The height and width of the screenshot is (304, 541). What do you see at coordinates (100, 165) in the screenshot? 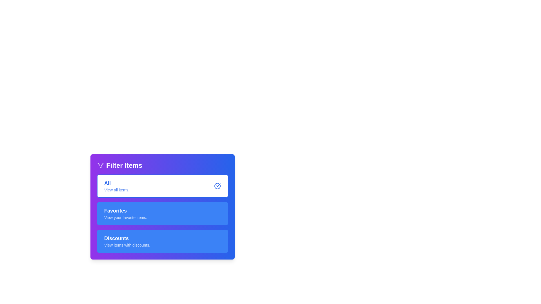
I see `the filter icon located at the leftmost position of the header section, adjacent to the 'Filter Items' label` at bounding box center [100, 165].